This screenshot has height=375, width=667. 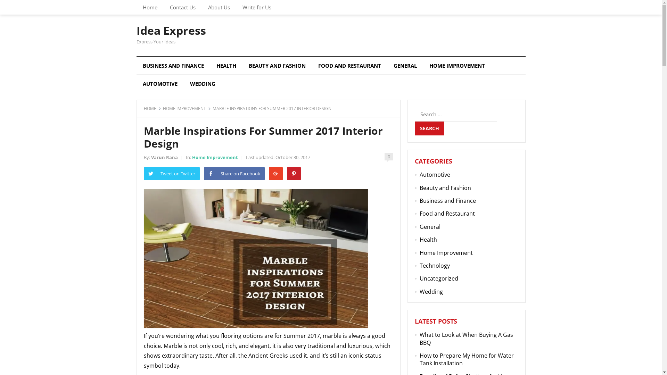 What do you see at coordinates (275, 173) in the screenshot?
I see `'Google+'` at bounding box center [275, 173].